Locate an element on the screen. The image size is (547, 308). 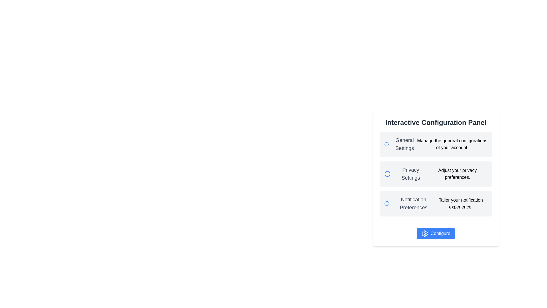
the section titles or descriptions in the vertical list of settings displayed within the interactive configuration panel, located below the title 'Interactive Configuration Panel' and above the 'Configure' button is located at coordinates (436, 173).